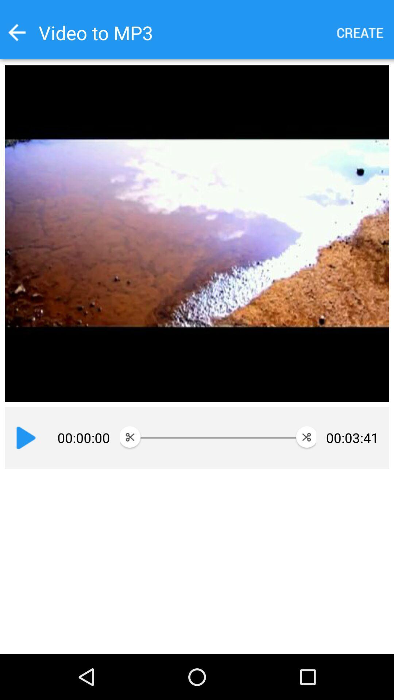 This screenshot has width=394, height=700. I want to click on the icon to the right of the video to mp3, so click(360, 32).